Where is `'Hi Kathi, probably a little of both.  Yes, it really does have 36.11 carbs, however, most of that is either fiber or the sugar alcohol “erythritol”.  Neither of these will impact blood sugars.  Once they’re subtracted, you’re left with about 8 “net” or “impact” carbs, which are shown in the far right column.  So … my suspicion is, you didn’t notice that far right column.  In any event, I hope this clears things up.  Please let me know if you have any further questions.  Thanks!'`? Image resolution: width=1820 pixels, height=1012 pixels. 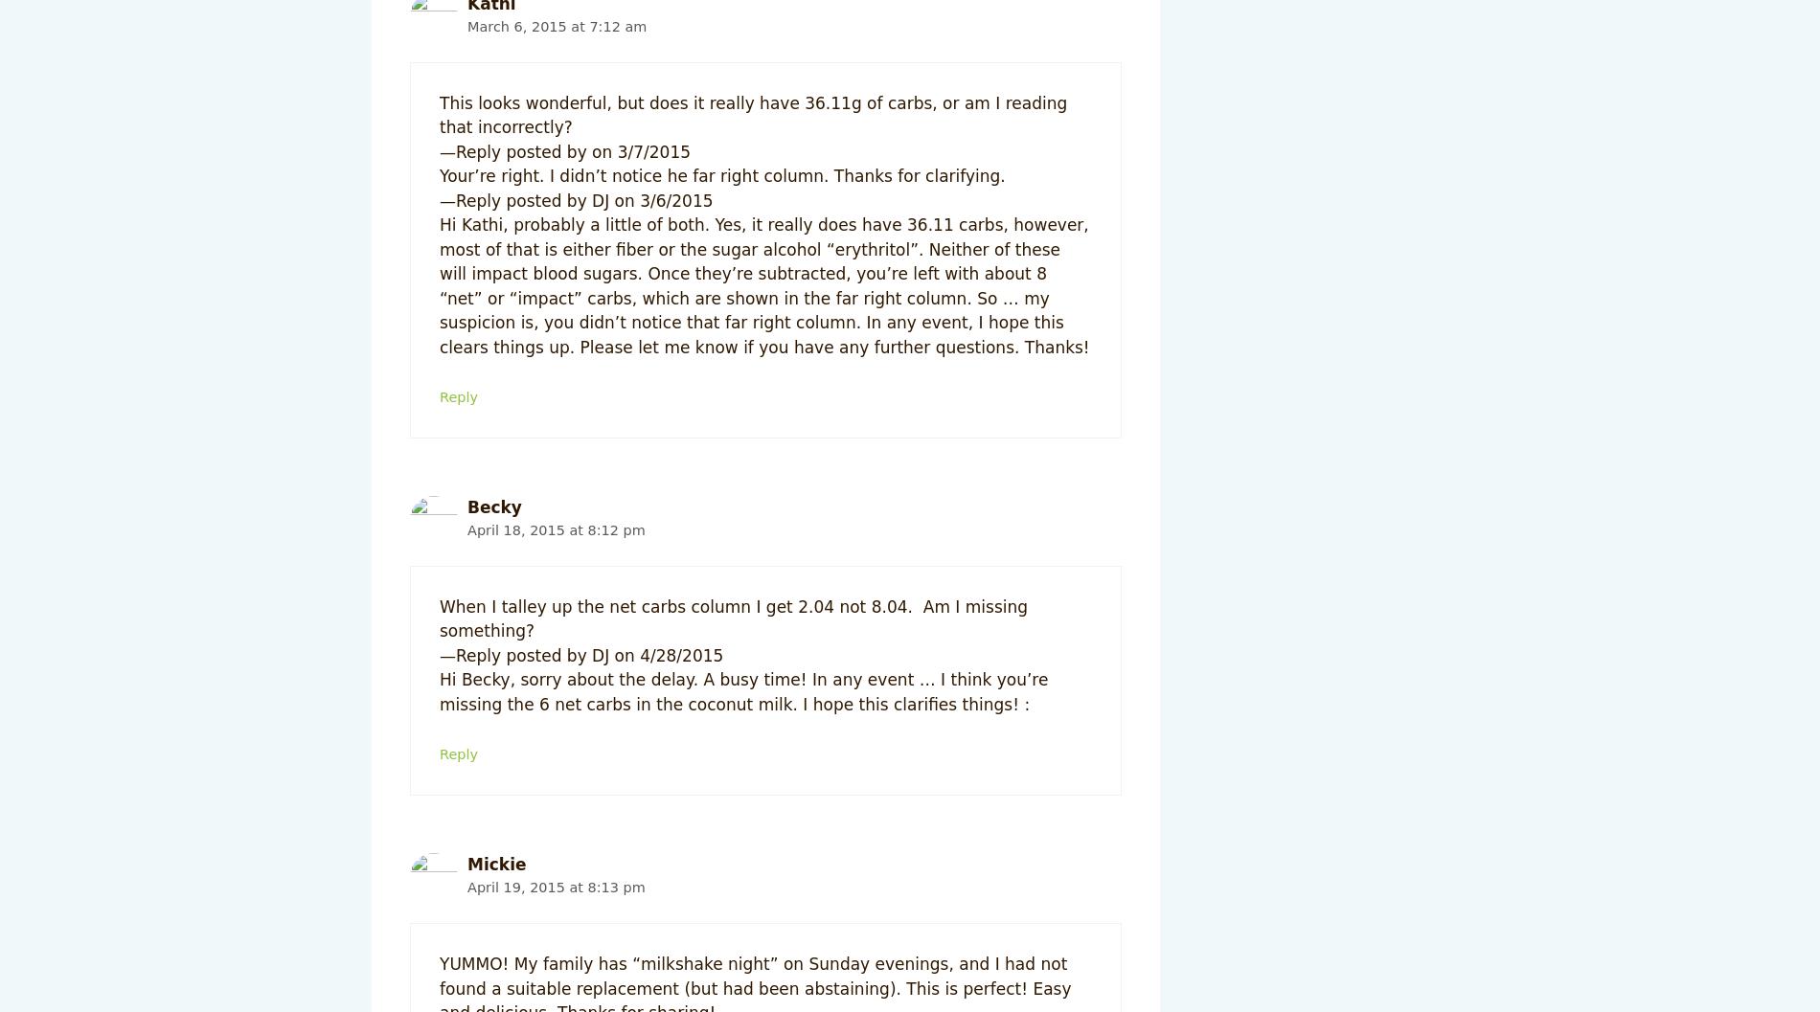 'Hi Kathi, probably a little of both.  Yes, it really does have 36.11 carbs, however, most of that is either fiber or the sugar alcohol “erythritol”.  Neither of these will impact blood sugars.  Once they’re subtracted, you’re left with about 8 “net” or “impact” carbs, which are shown in the far right column.  So … my suspicion is, you didn’t notice that far right column.  In any event, I hope this clears things up.  Please let me know if you have any further questions.  Thanks!' is located at coordinates (439, 284).